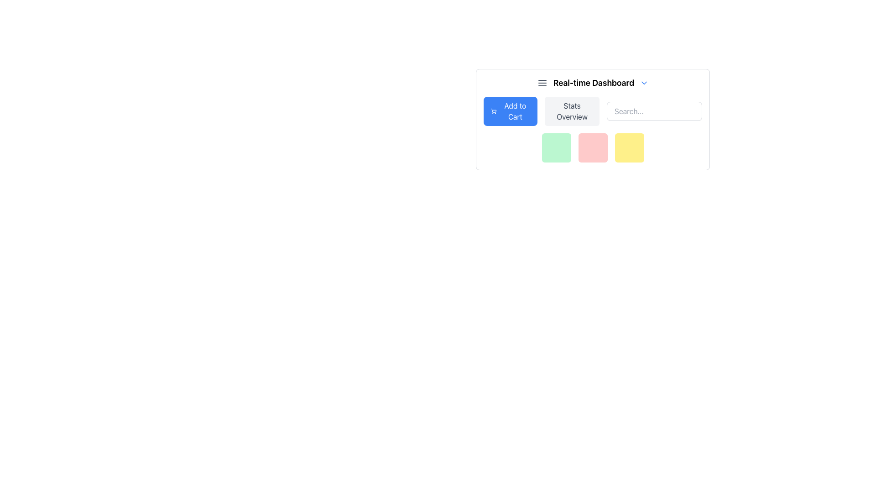 This screenshot has height=493, width=876. What do you see at coordinates (572, 110) in the screenshot?
I see `the 'Stats Overview' label button, which is a rectangular button with rounded corners and a light gray background, located to the right of the 'Add to Cart' button` at bounding box center [572, 110].